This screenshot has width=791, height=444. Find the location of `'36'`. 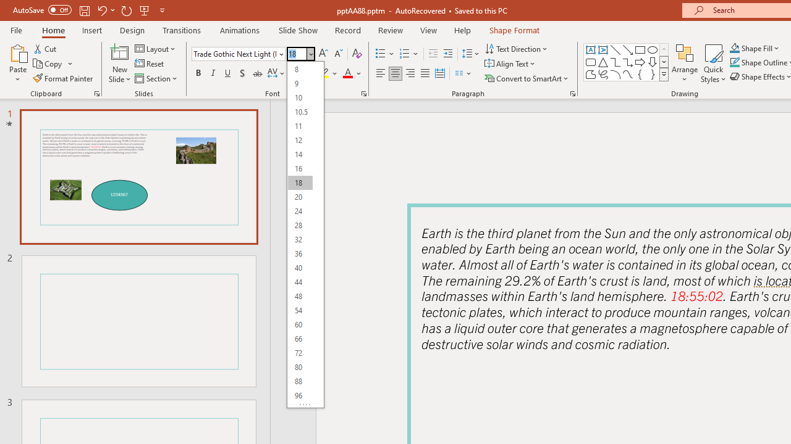

'36' is located at coordinates (300, 253).